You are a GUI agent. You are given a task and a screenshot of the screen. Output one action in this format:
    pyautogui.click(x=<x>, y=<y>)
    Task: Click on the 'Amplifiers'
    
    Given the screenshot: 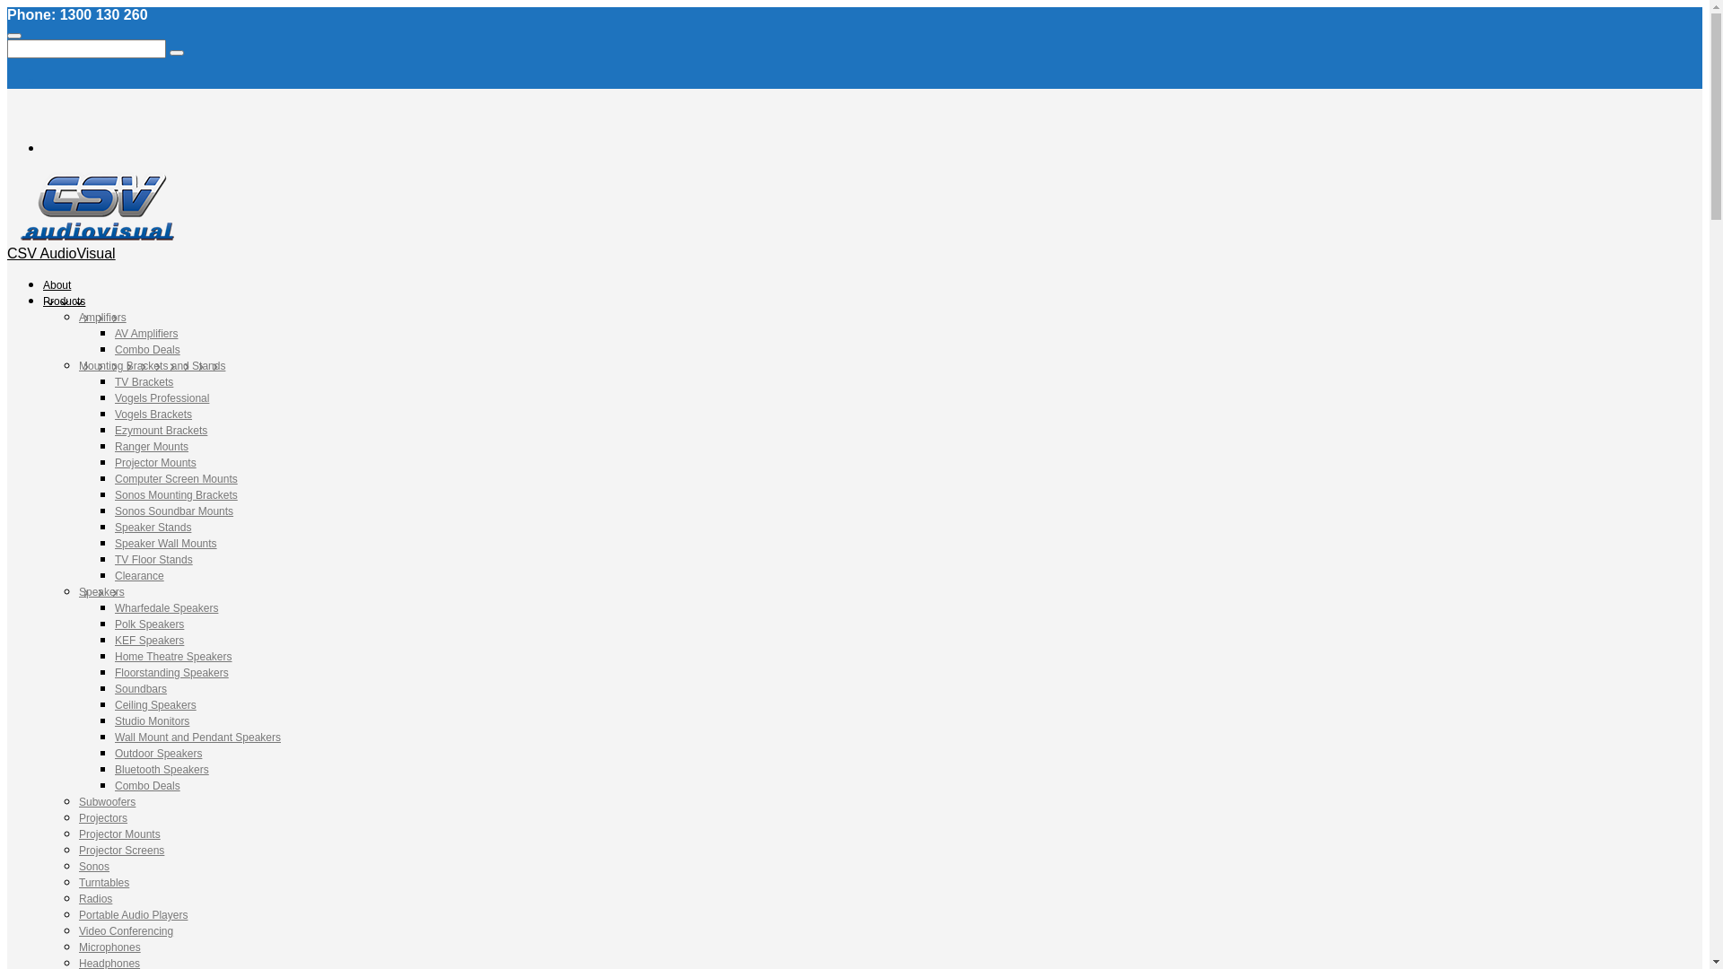 What is the action you would take?
    pyautogui.click(x=101, y=317)
    